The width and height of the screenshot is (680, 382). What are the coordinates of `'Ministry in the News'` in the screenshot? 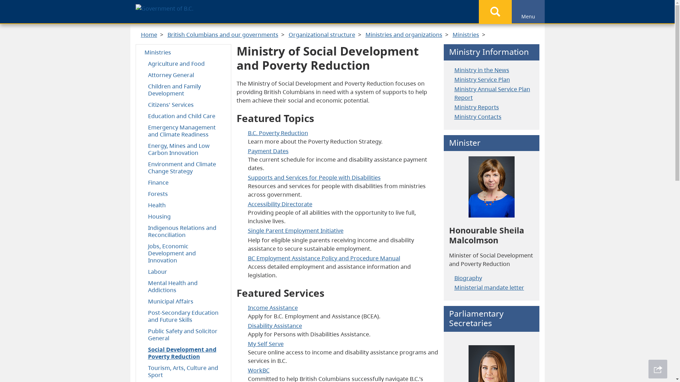 It's located at (481, 70).